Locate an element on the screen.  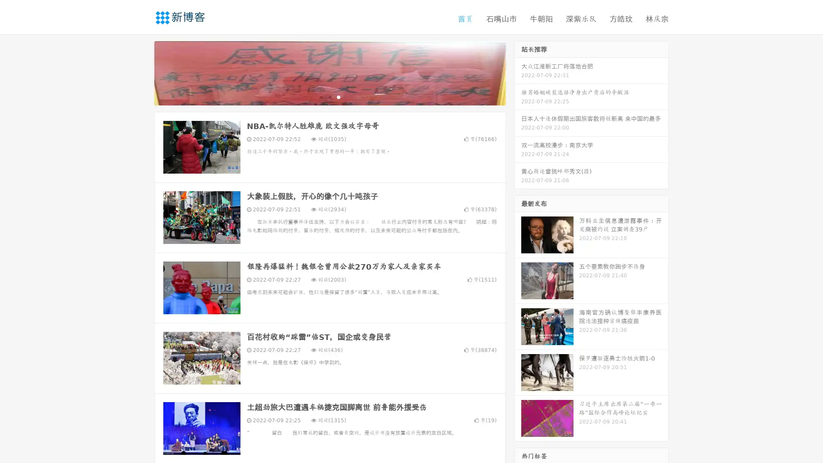
Next slide is located at coordinates (518, 72).